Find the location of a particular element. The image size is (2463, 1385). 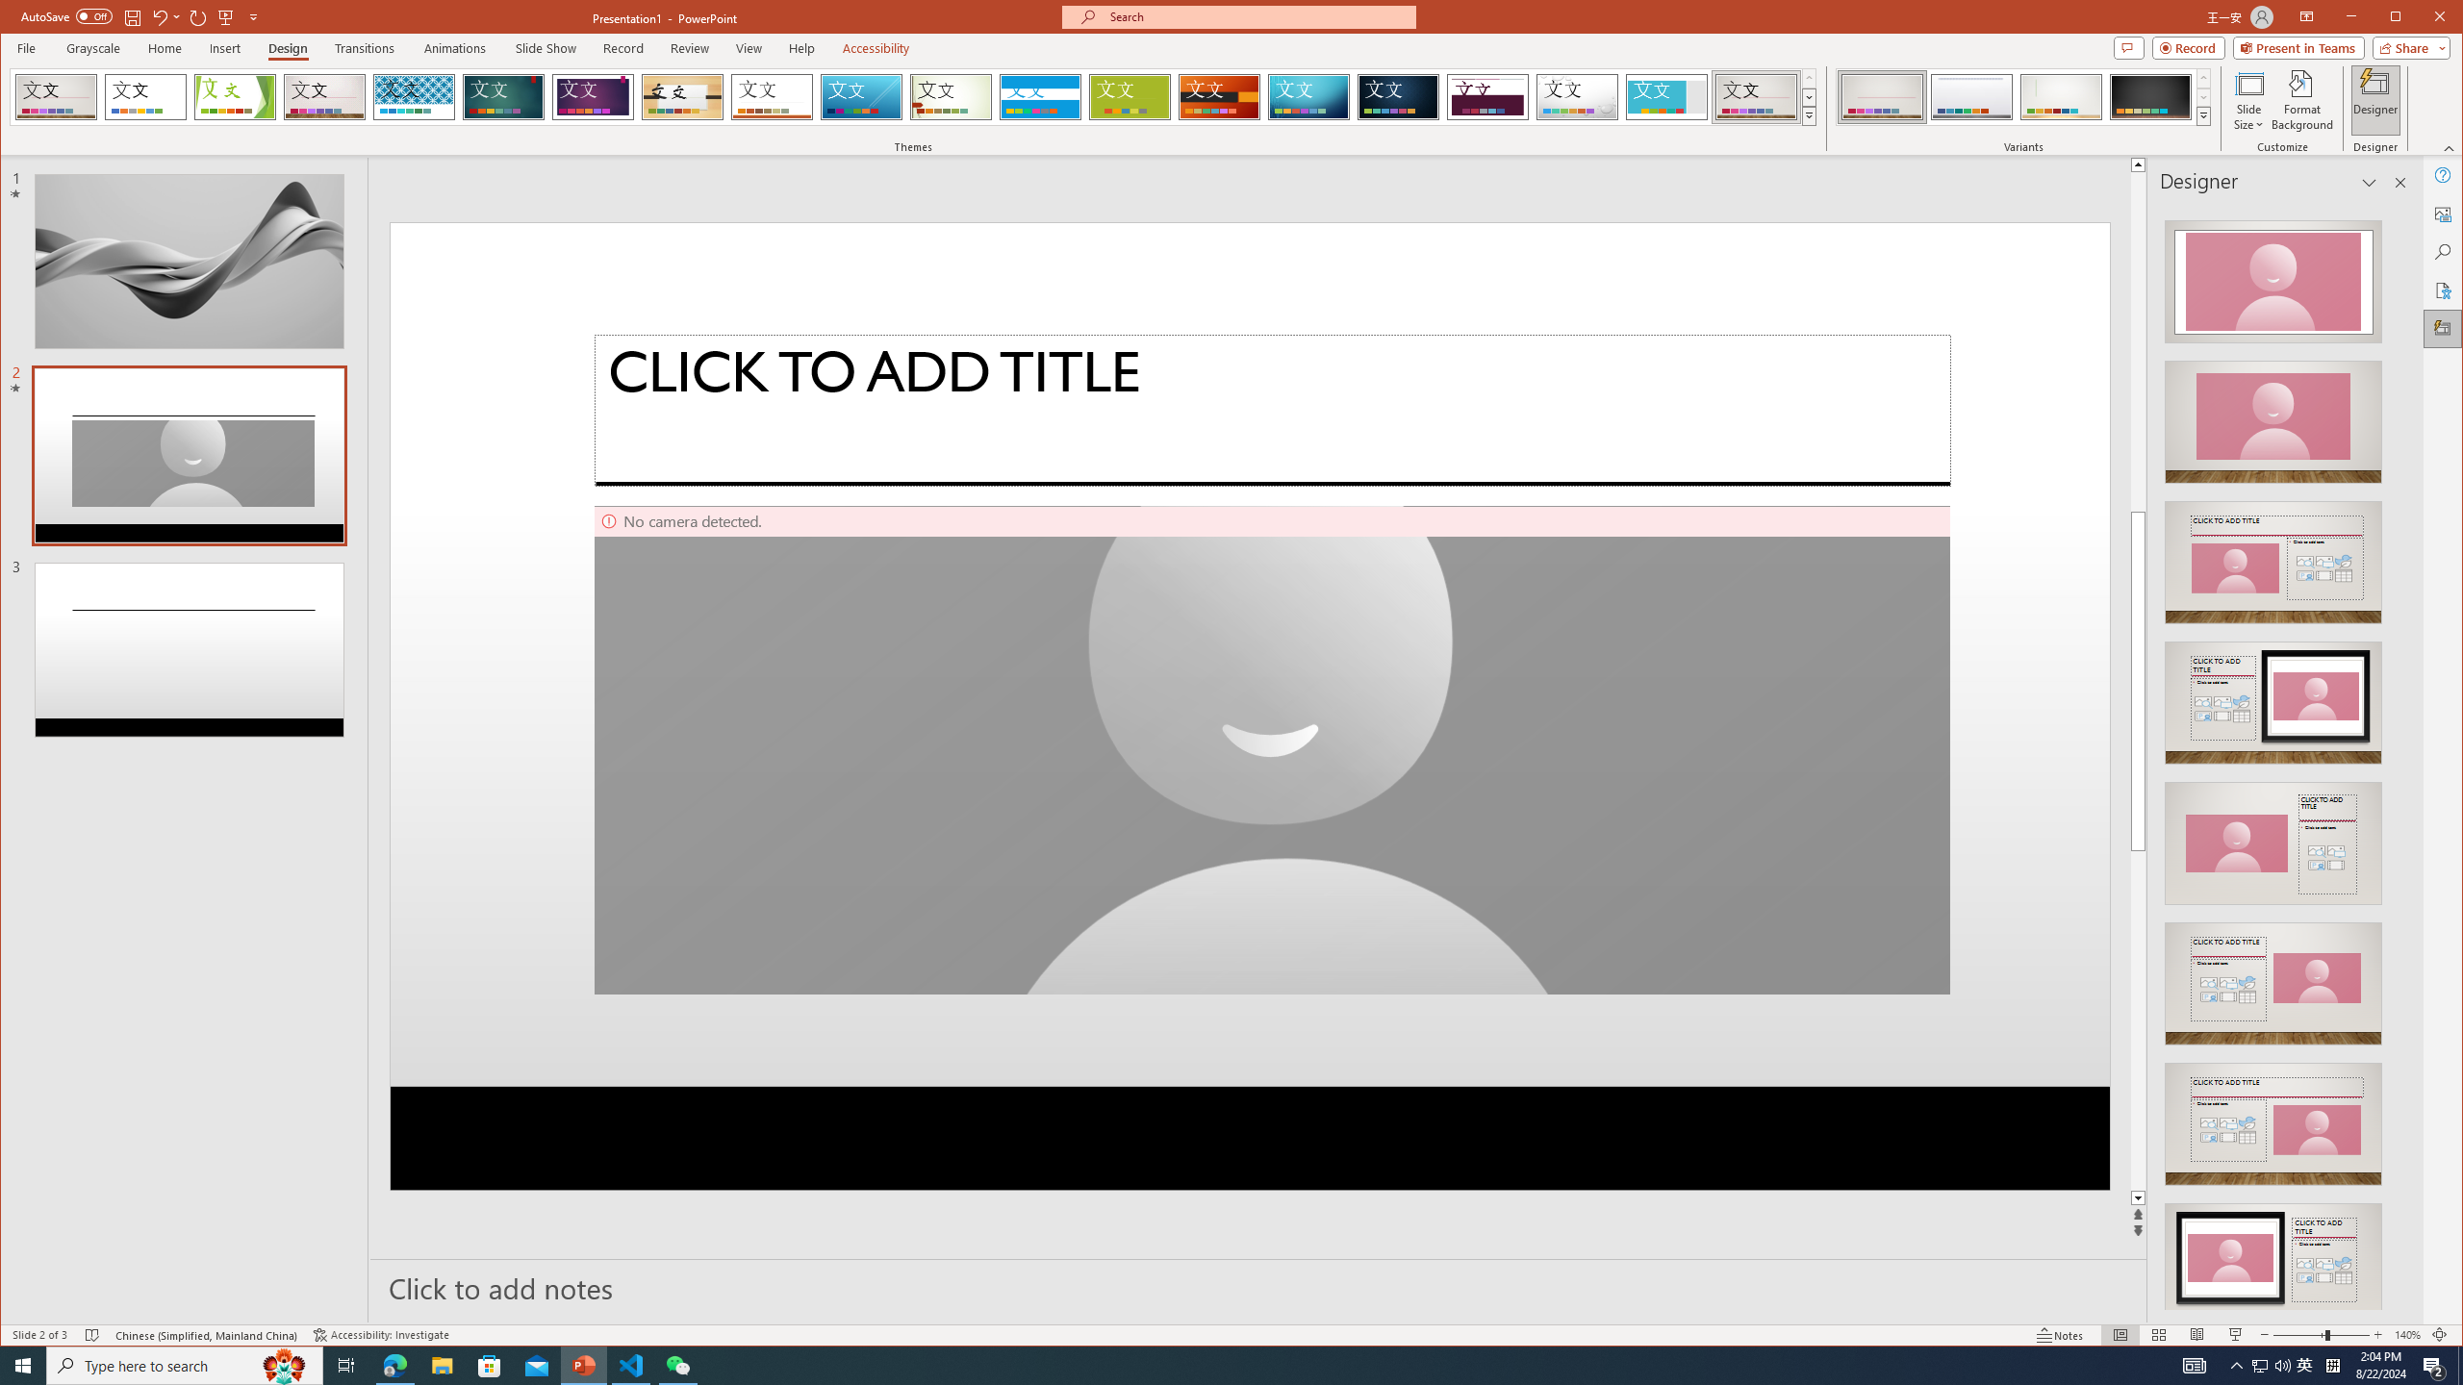

'Office Theme' is located at coordinates (144, 96).